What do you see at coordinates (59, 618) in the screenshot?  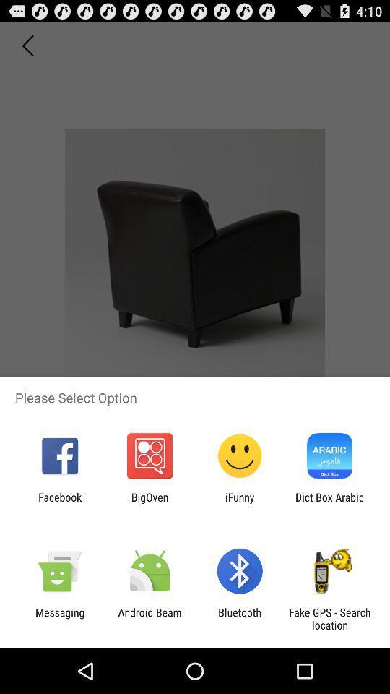 I see `messaging` at bounding box center [59, 618].